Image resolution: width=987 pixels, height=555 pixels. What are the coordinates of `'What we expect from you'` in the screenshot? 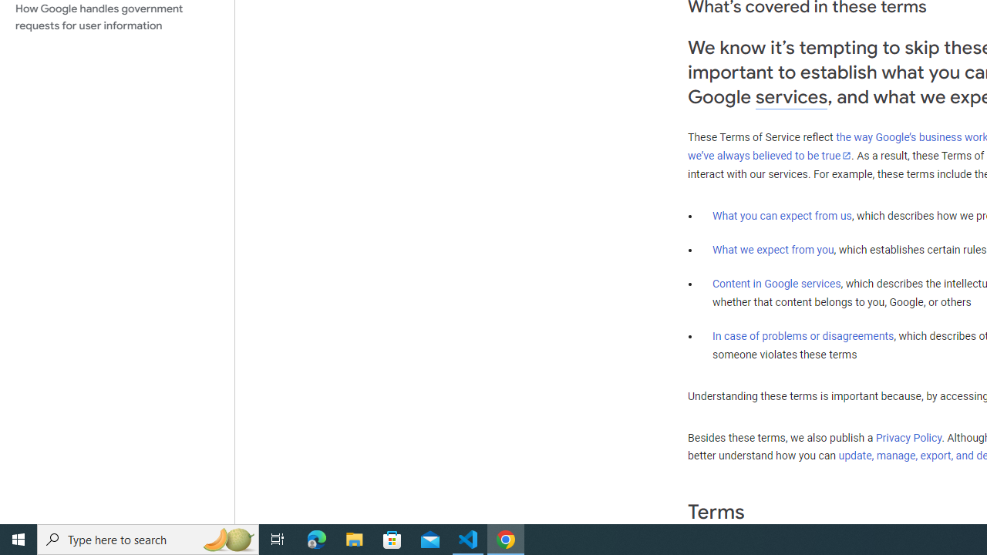 It's located at (773, 249).